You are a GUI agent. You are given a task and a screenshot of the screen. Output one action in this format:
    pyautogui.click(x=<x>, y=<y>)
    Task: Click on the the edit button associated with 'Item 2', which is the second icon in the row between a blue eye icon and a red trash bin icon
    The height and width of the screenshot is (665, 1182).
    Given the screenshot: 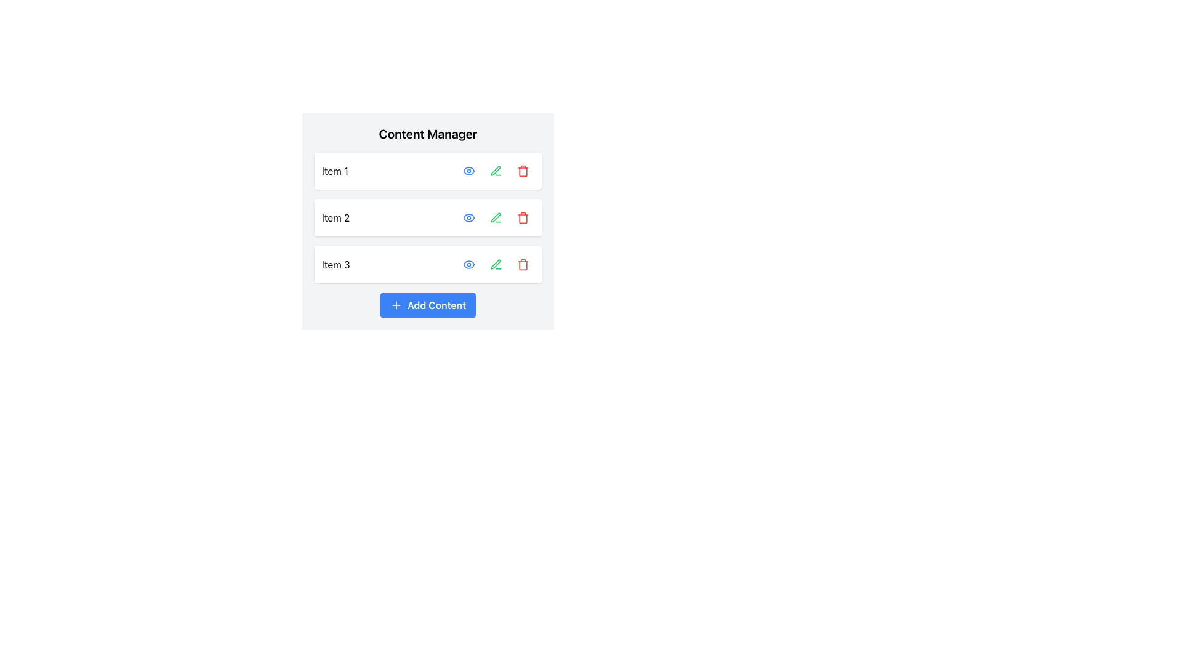 What is the action you would take?
    pyautogui.click(x=496, y=217)
    